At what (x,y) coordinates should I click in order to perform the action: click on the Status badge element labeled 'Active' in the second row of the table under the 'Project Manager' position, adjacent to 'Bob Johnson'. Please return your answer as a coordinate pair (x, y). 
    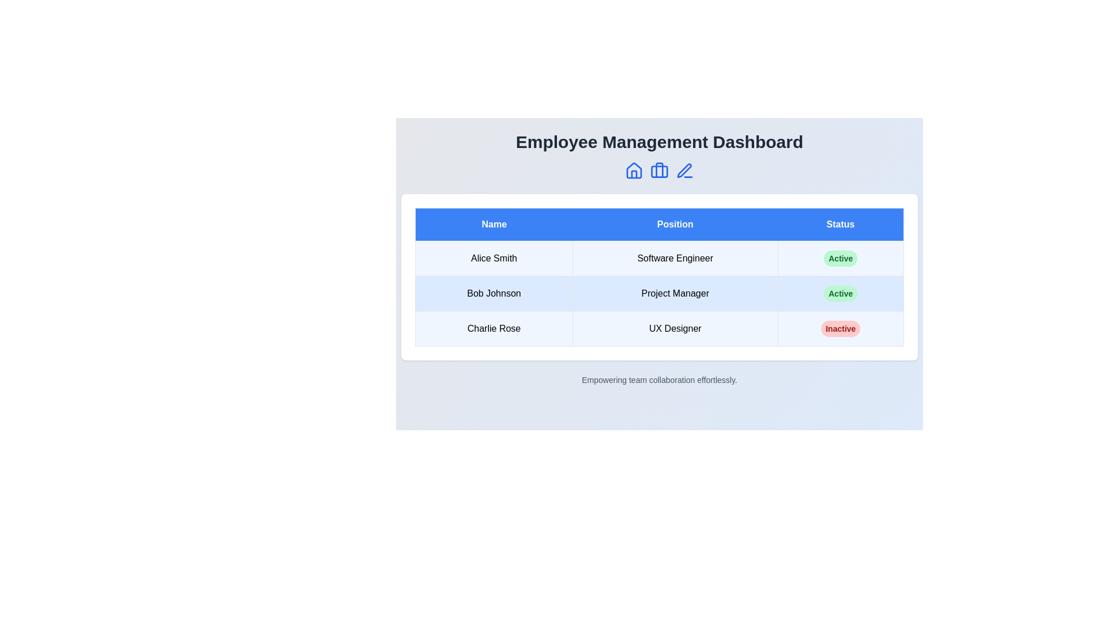
    Looking at the image, I should click on (841, 293).